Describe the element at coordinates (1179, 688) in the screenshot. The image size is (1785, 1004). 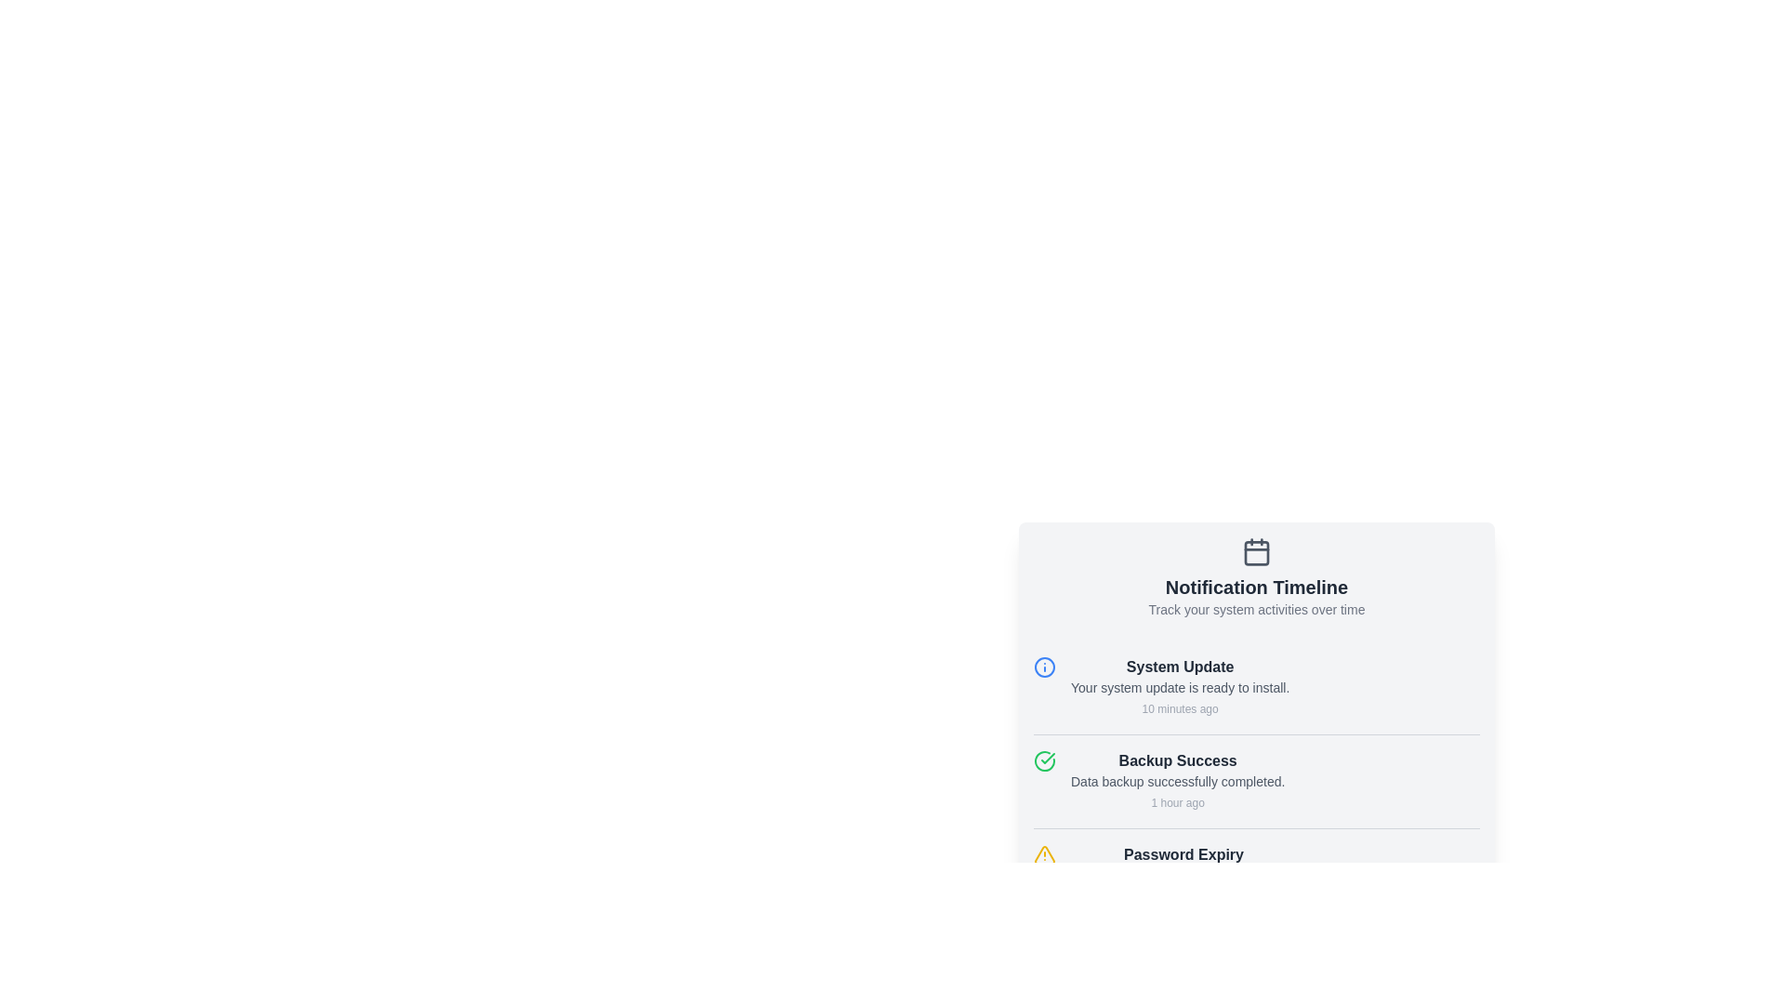
I see `text displayed in the text label that says 'Your system update is ready to install.' located within the notification card under 'Notification Timeline'` at that location.